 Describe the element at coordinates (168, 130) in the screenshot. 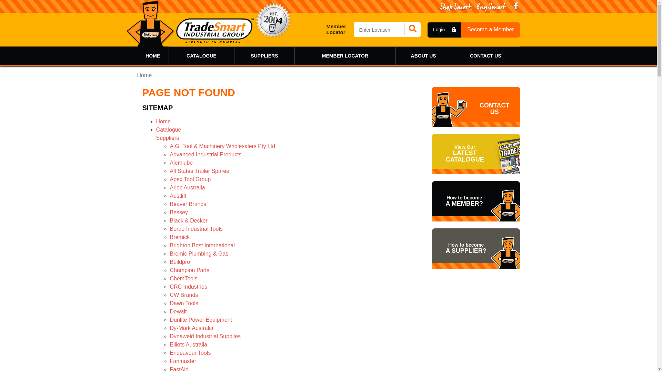

I see `'Catalogue'` at that location.